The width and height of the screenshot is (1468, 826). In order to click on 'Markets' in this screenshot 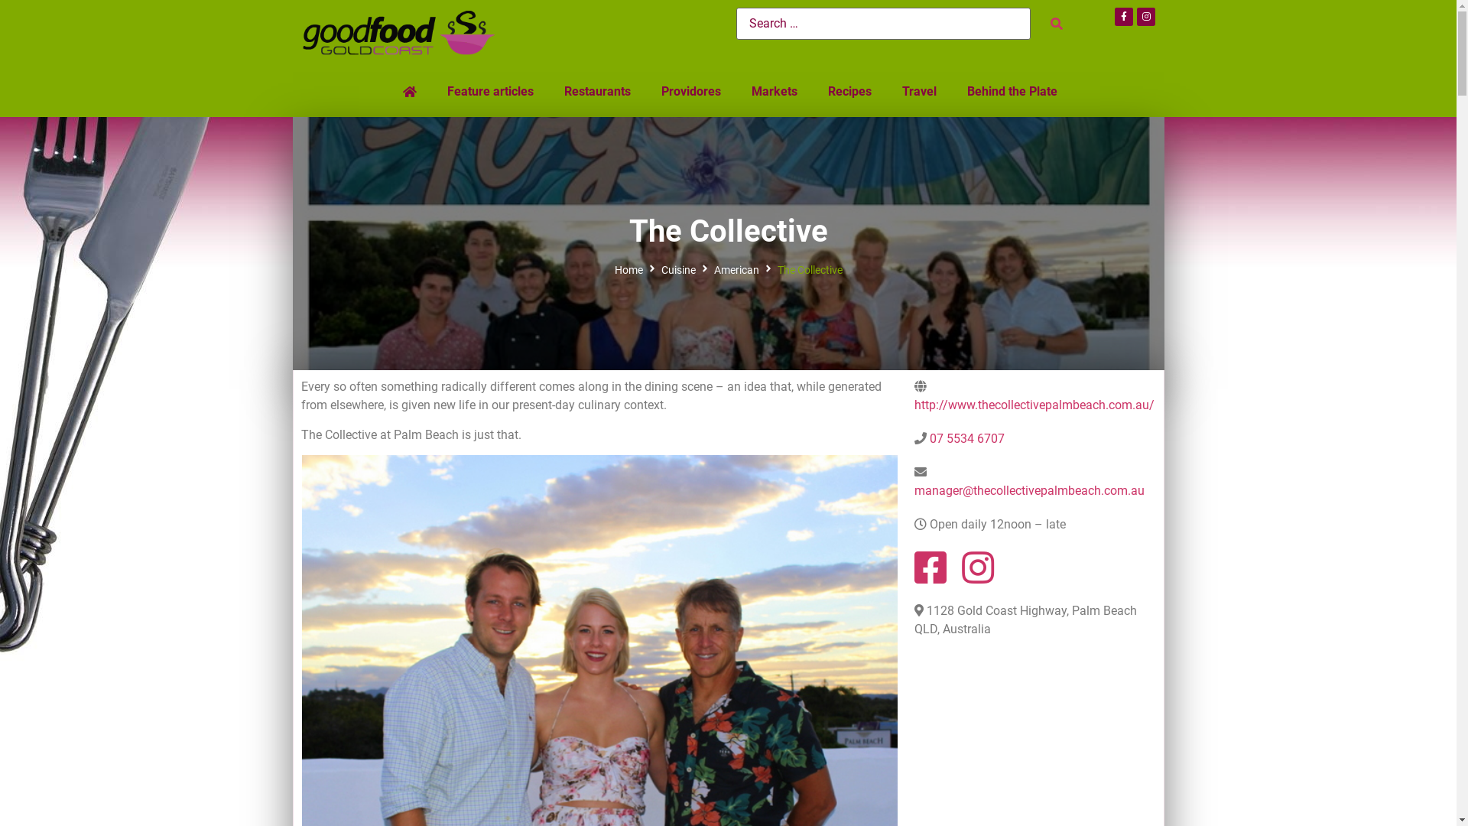, I will do `click(774, 91)`.